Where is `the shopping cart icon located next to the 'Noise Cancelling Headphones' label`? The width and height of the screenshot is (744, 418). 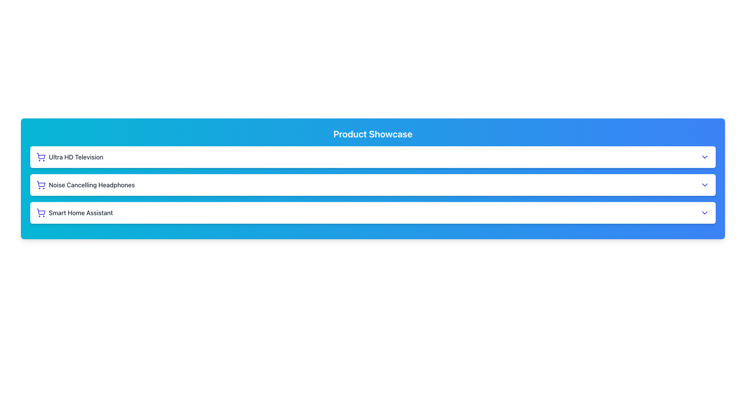
the shopping cart icon located next to the 'Noise Cancelling Headphones' label is located at coordinates (40, 184).